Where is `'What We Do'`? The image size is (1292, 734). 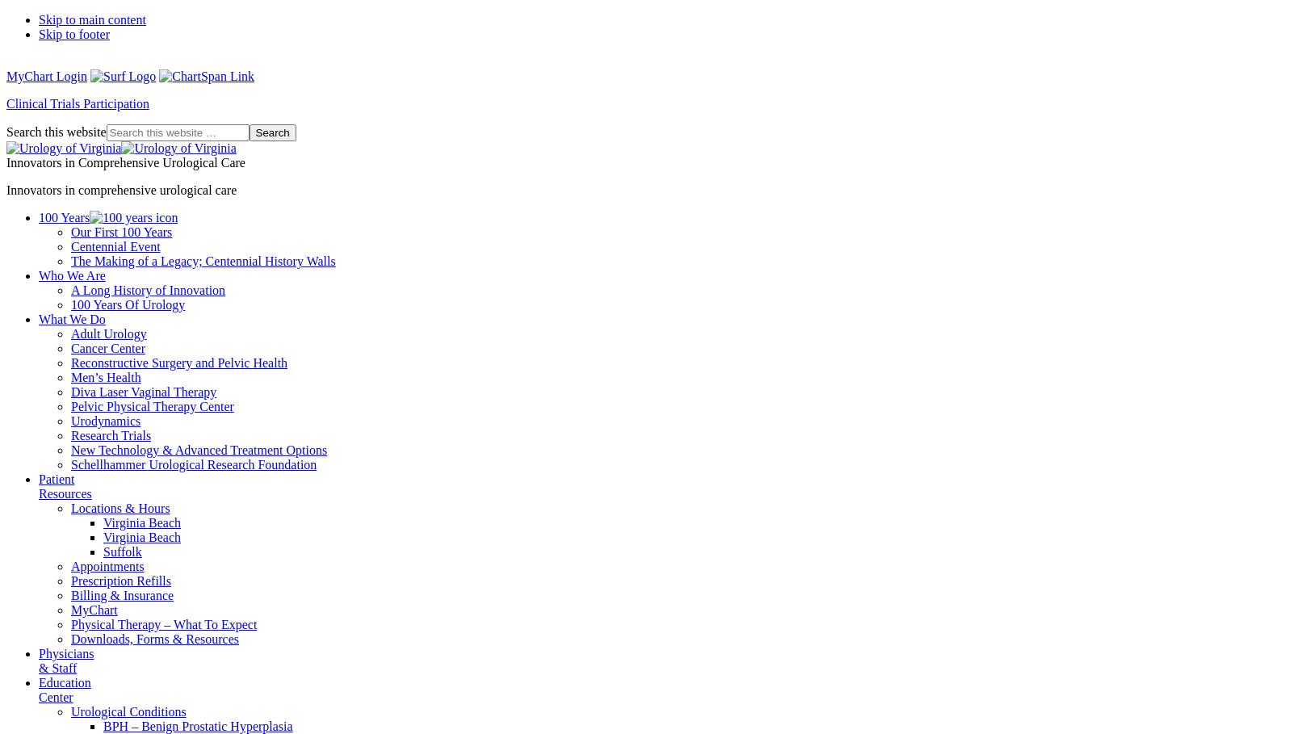 'What We Do' is located at coordinates (70, 319).